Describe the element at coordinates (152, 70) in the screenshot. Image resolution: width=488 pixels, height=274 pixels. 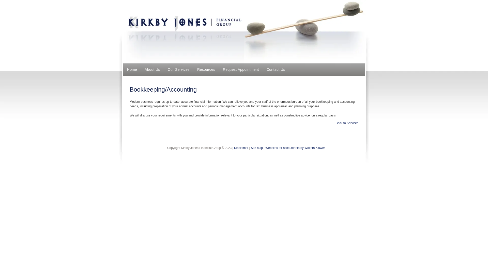
I see `'About Us'` at that location.